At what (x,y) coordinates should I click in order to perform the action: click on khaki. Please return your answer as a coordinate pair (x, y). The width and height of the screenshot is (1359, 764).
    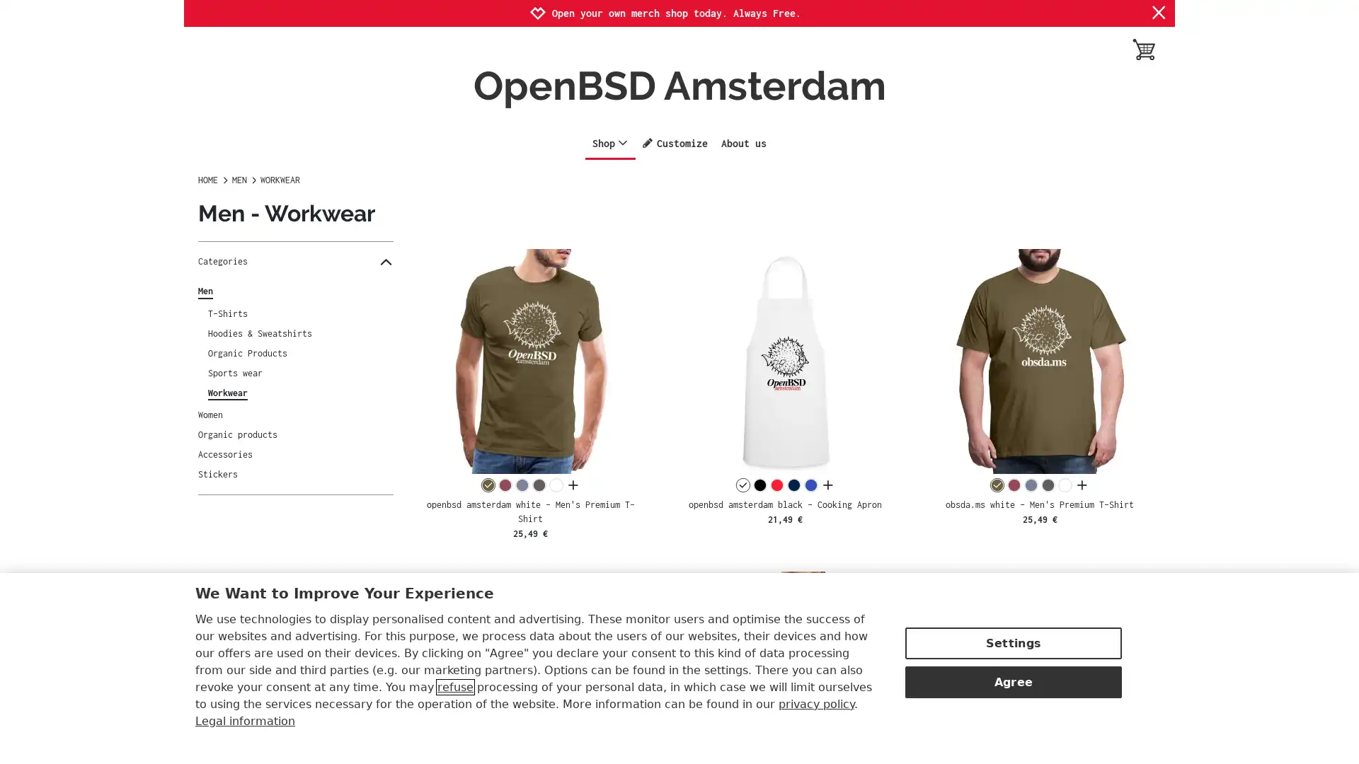
    Looking at the image, I should click on (997, 485).